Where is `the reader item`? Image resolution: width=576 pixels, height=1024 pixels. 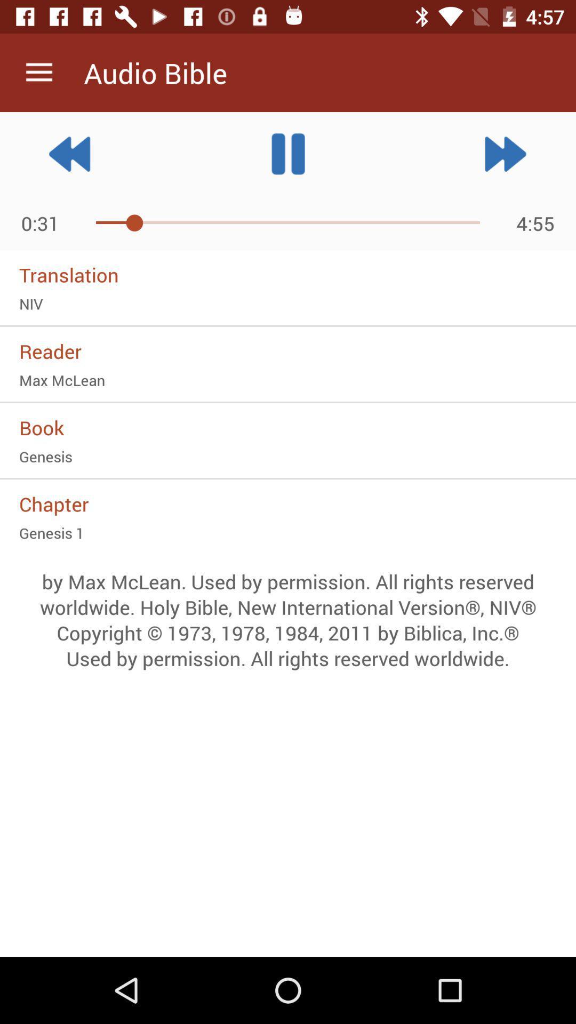
the reader item is located at coordinates (288, 351).